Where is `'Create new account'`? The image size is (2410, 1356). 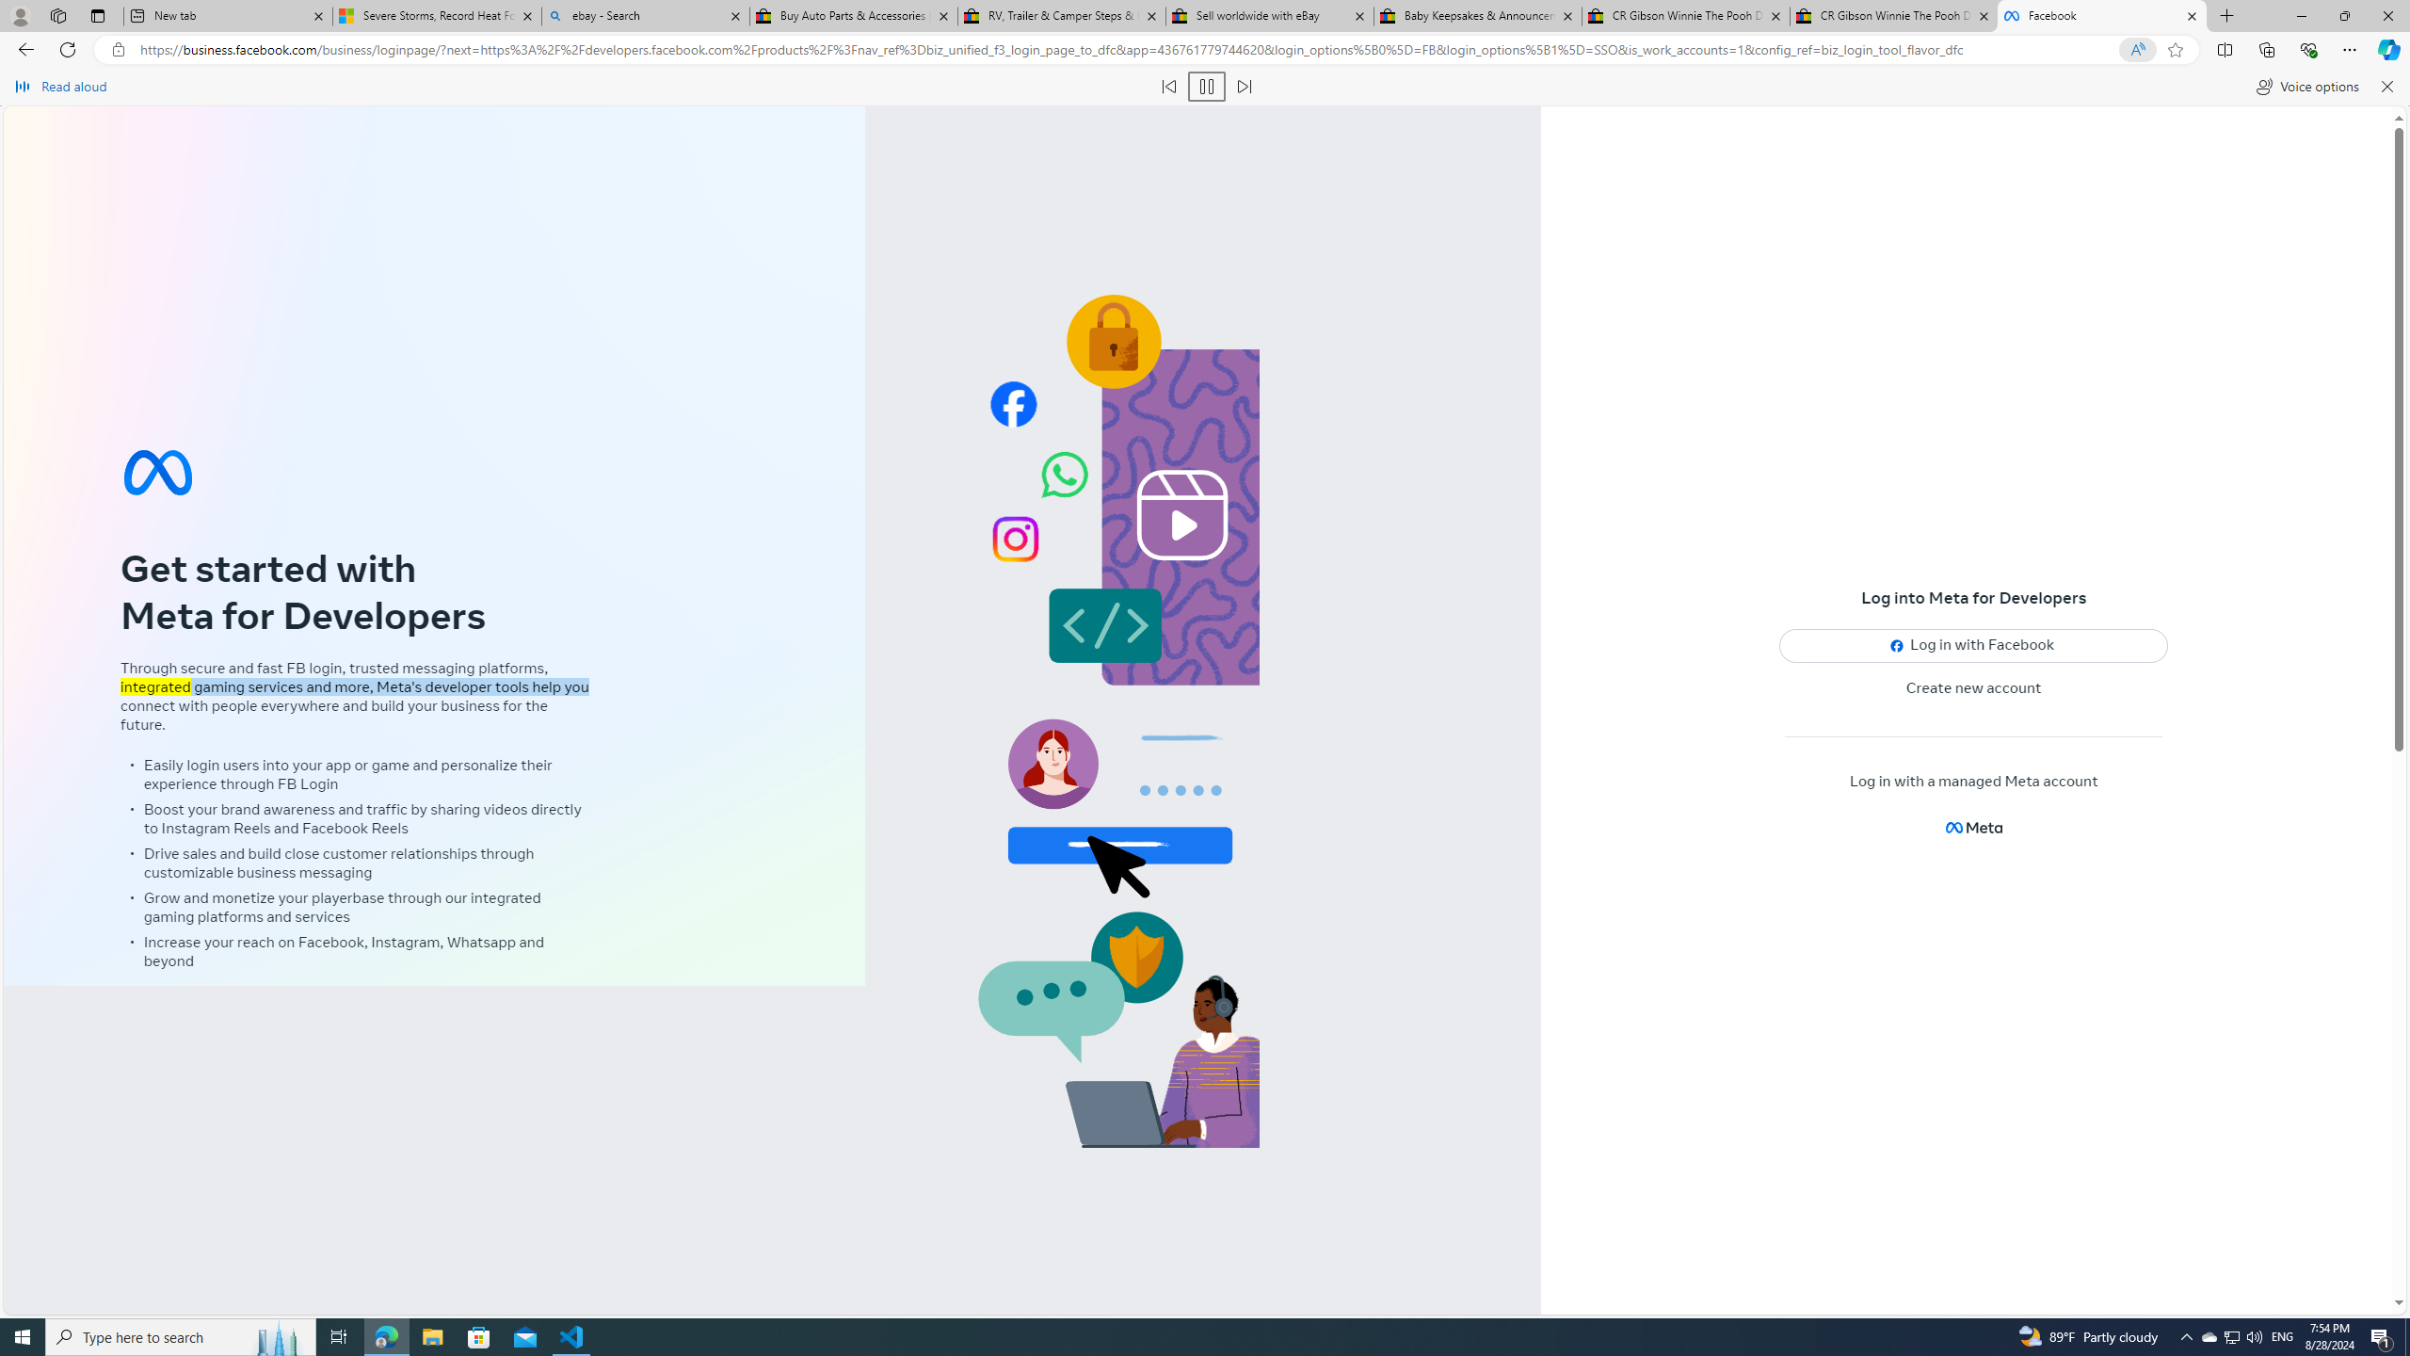
'Create new account' is located at coordinates (1973, 688).